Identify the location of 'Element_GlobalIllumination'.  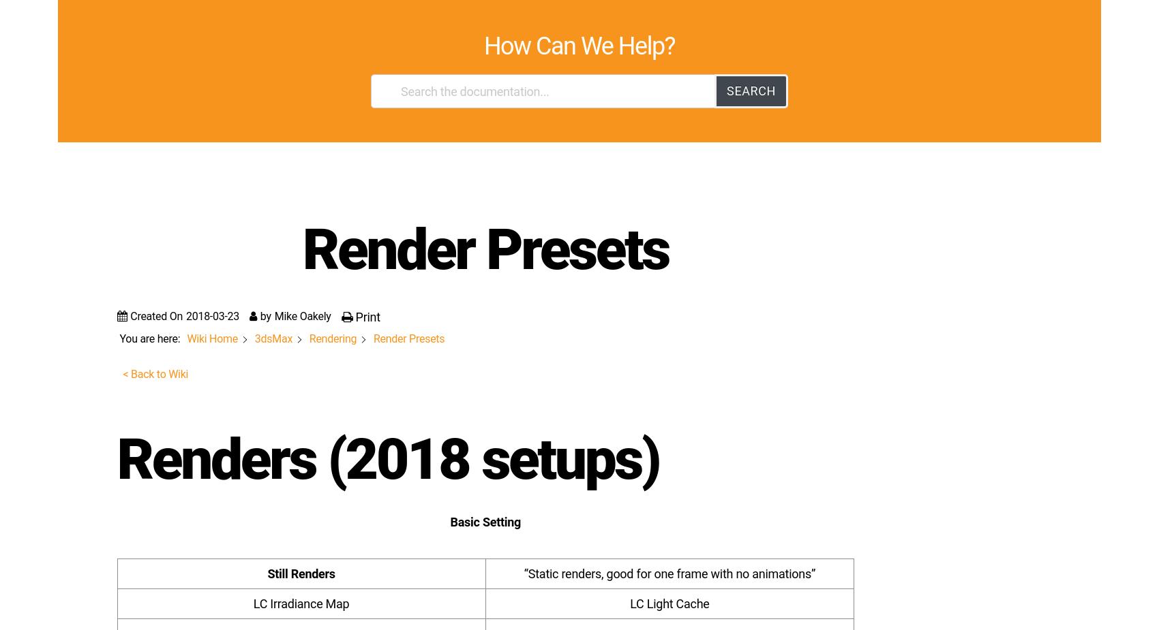
(167, 604).